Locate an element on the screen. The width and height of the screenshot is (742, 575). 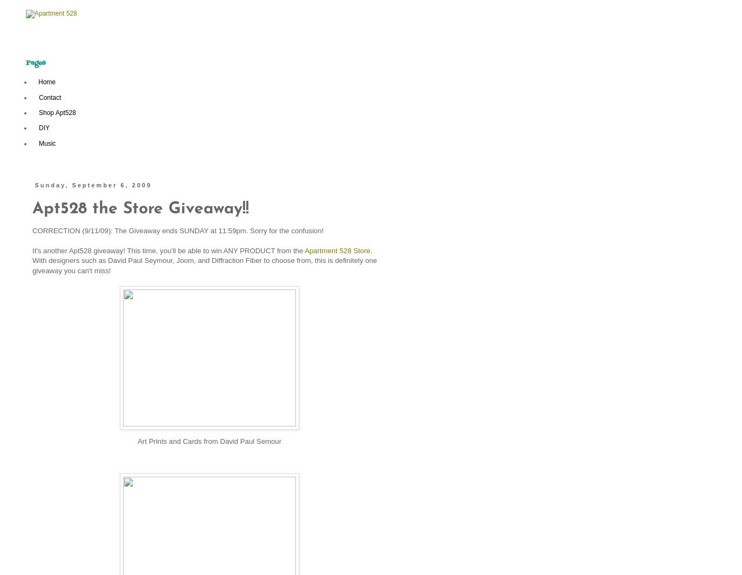
'. With designers such as David Paul Seymour, Joom, and Diffraction Fiber to choose from, this is definitely one giveaway you can't miss!' is located at coordinates (204, 260).